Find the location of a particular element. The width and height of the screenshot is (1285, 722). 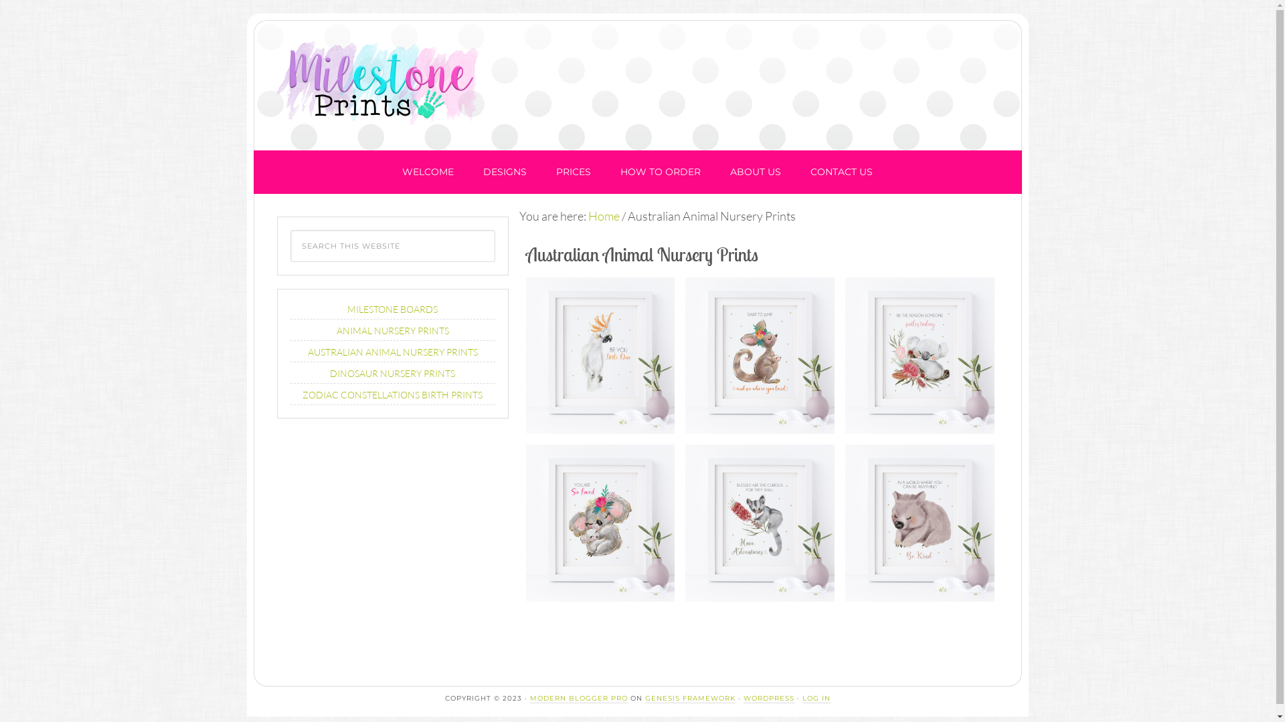

'ZODIAC CONSTELLATIONS BIRTH PRINTS' is located at coordinates (392, 394).